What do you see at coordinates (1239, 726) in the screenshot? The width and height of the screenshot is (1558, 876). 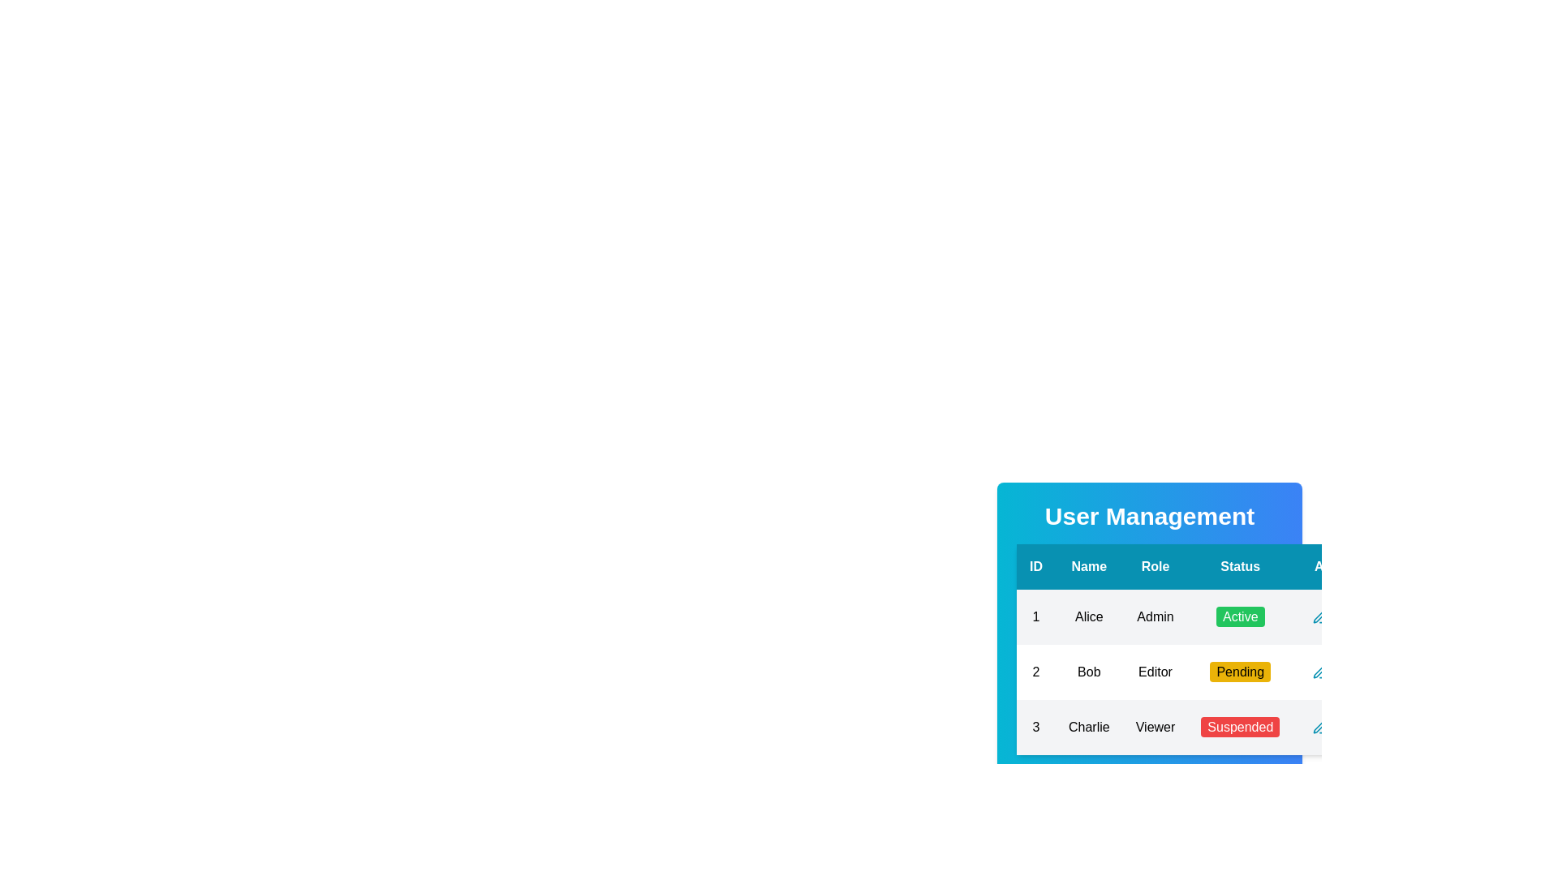 I see `the account status button in the third row of the User Management table, which indicates that the account is suspended` at bounding box center [1239, 726].